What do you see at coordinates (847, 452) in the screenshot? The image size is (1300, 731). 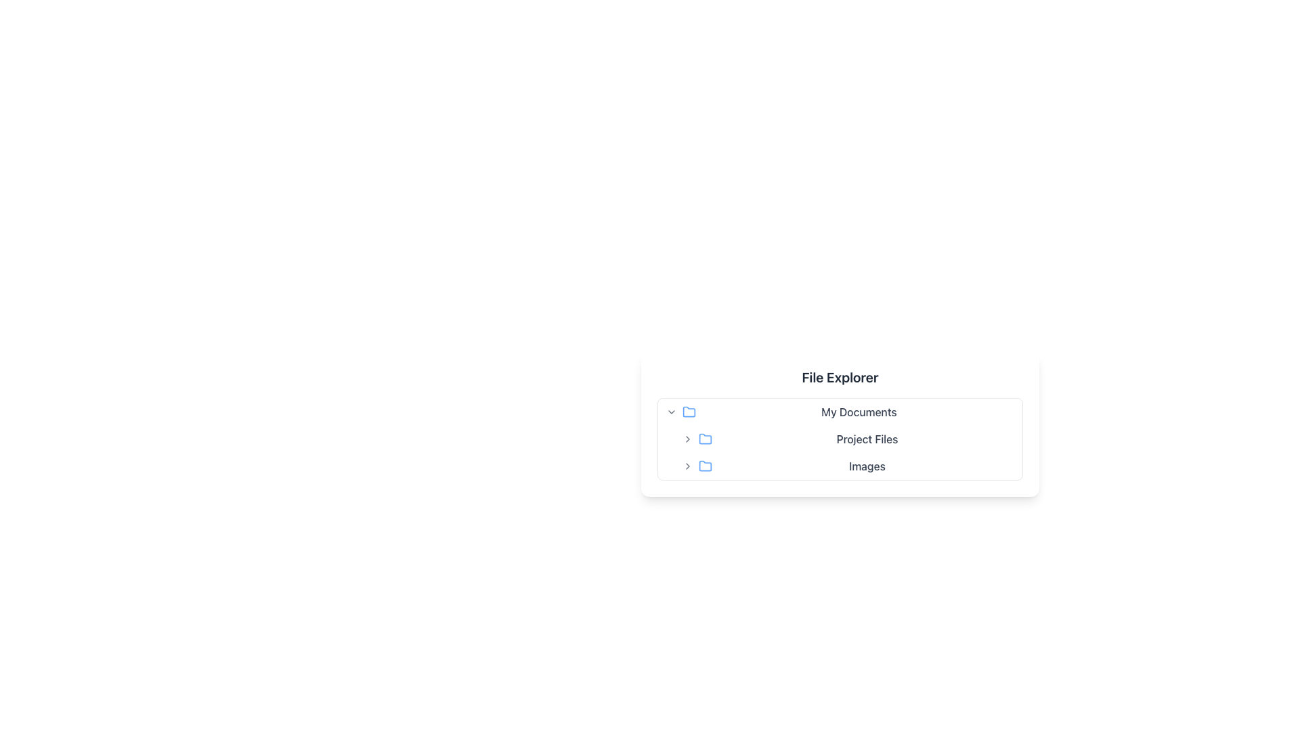 I see `the 'Folder' representation` at bounding box center [847, 452].